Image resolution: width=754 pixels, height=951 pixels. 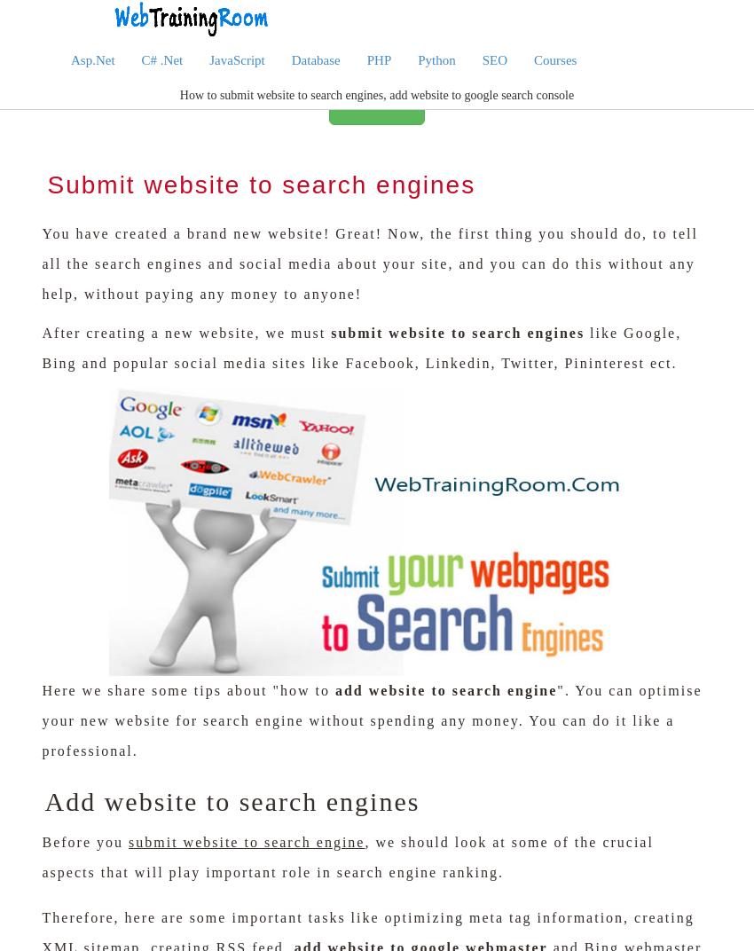 I want to click on 'You have created a brand new website! Great! Now, the first thing you should do, to tell all the search engines and social media about your site, and you can do this without any help, without paying any money to anyone!', so click(x=369, y=262).